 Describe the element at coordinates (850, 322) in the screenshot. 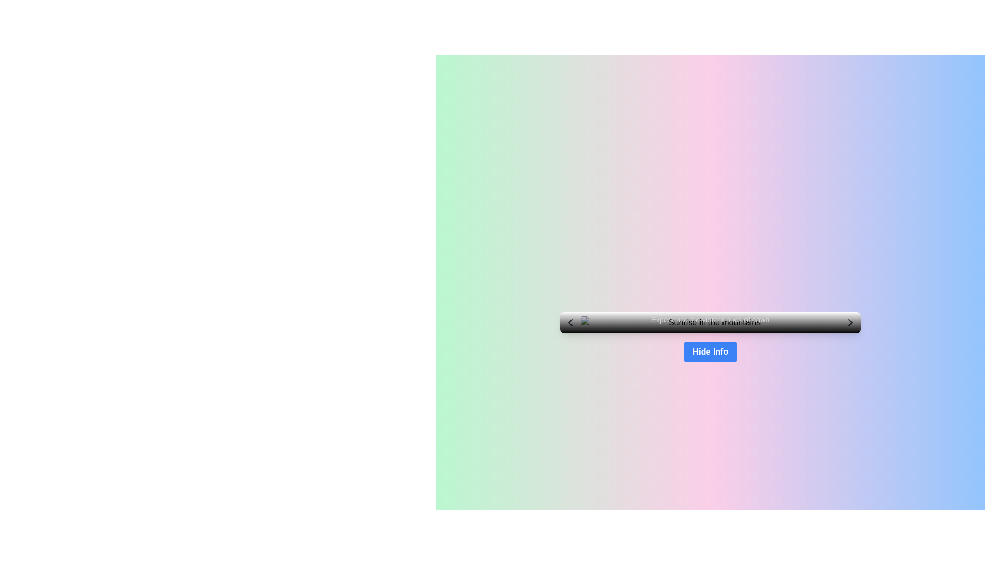

I see `the right-oriented arrow graphic element, which is minimalistic and monochrome` at that location.